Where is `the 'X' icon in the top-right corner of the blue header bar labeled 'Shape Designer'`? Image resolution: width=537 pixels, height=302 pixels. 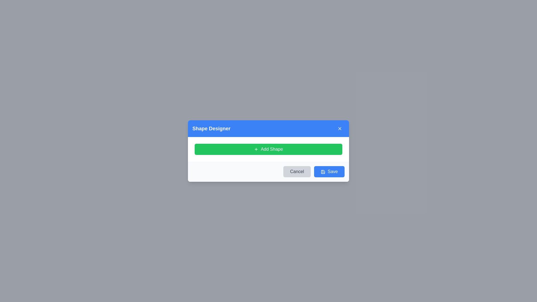 the 'X' icon in the top-right corner of the blue header bar labeled 'Shape Designer' is located at coordinates (339, 128).